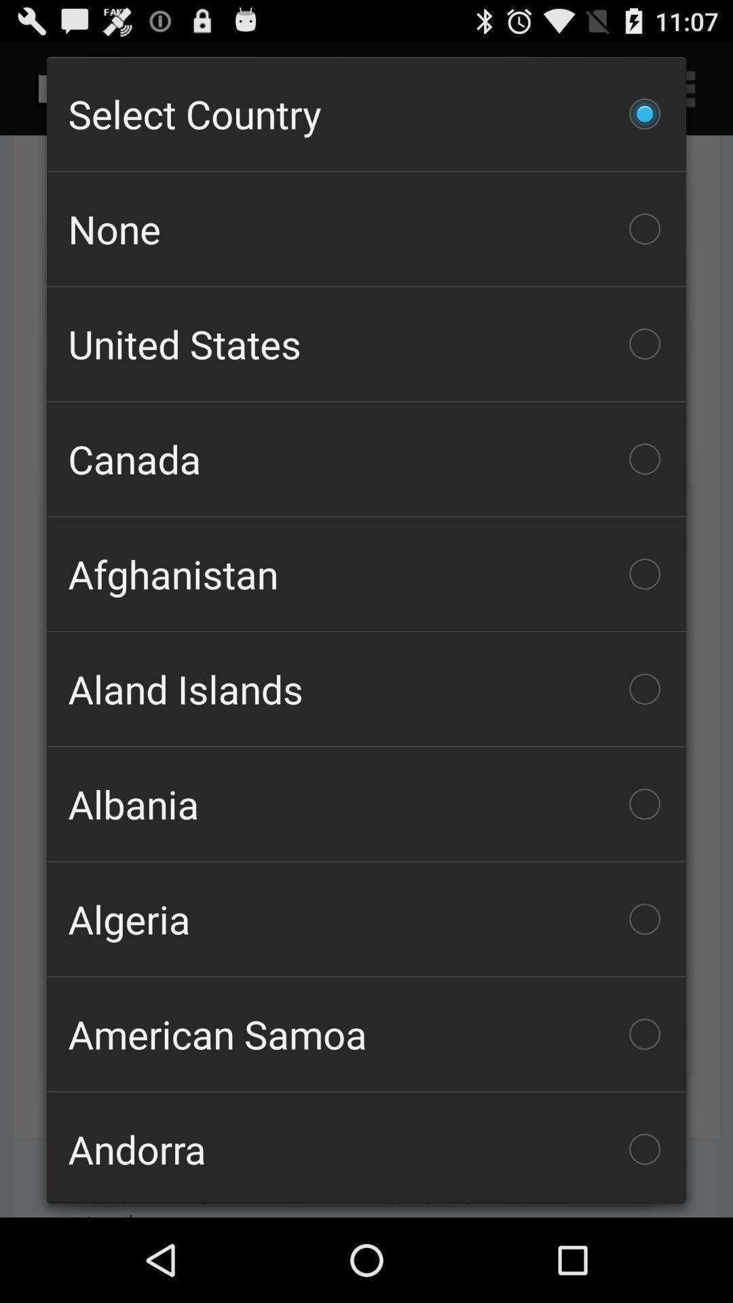 The height and width of the screenshot is (1303, 733). What do you see at coordinates (366, 919) in the screenshot?
I see `the algeria item` at bounding box center [366, 919].